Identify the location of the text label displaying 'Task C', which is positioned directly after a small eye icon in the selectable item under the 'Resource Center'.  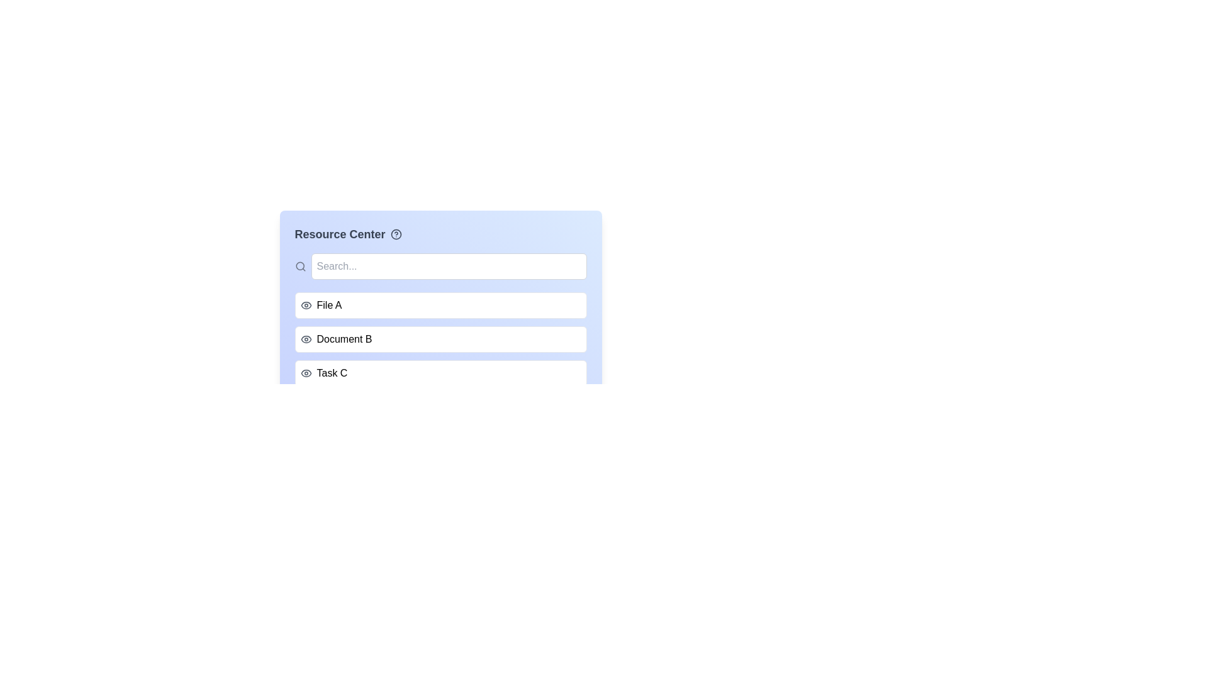
(332, 373).